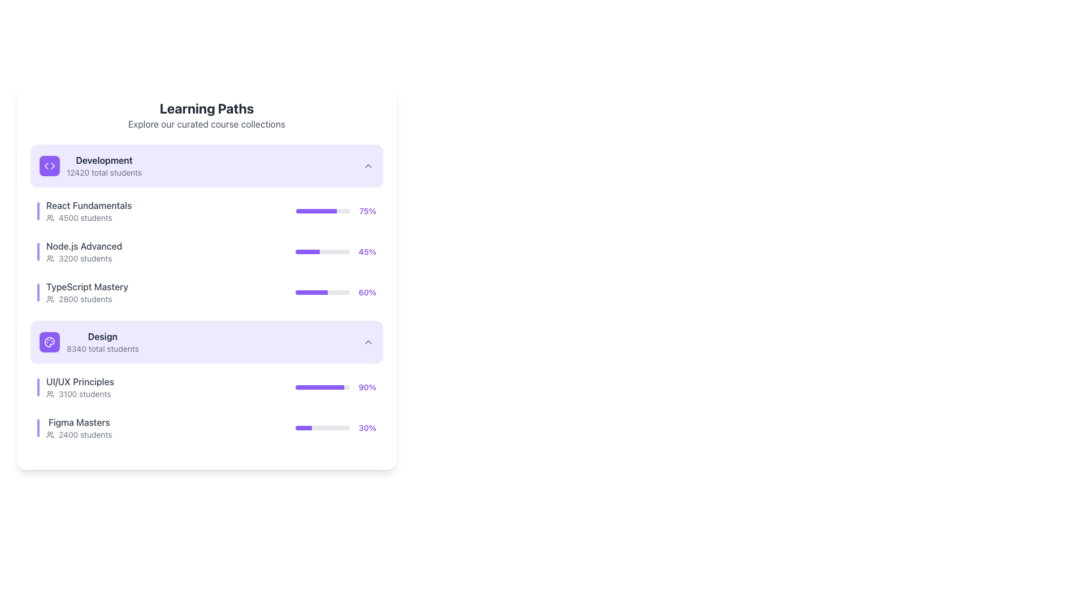 The height and width of the screenshot is (610, 1085). Describe the element at coordinates (84, 251) in the screenshot. I see `student count displayed next to the 'Node.js Advanced' course hyperlink, which is the second entry under the 'Development' section of the 'Learning Paths' menu` at that location.